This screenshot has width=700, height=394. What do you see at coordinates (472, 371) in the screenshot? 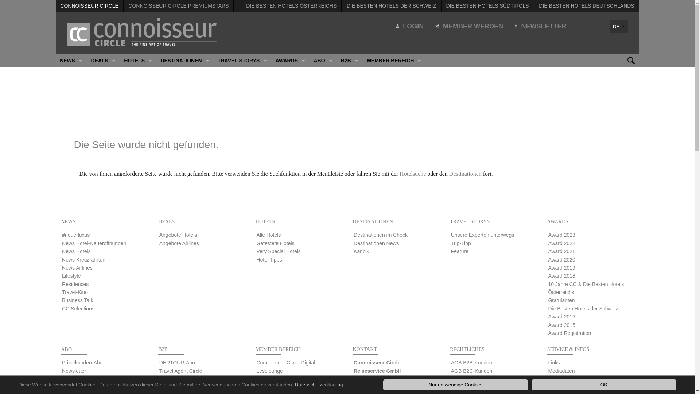
I see `'AGB B2C-Kunden'` at bounding box center [472, 371].